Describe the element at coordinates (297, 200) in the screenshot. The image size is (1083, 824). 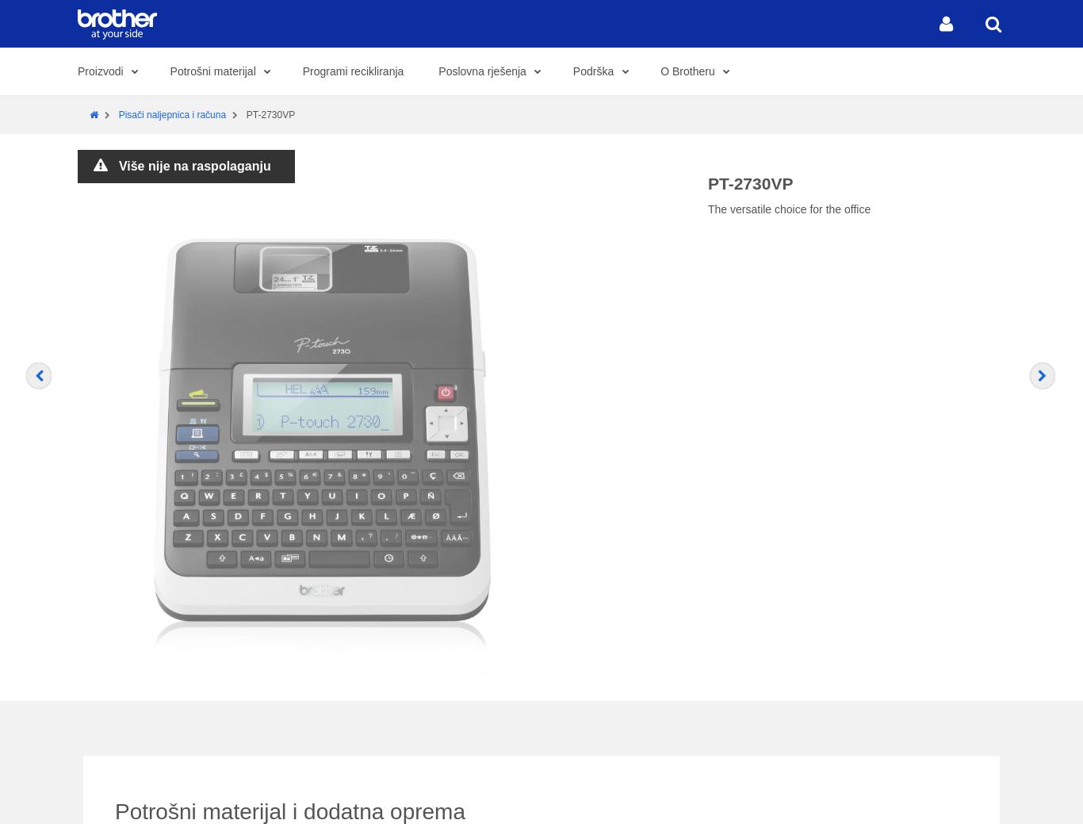
I see `'Težina'` at that location.